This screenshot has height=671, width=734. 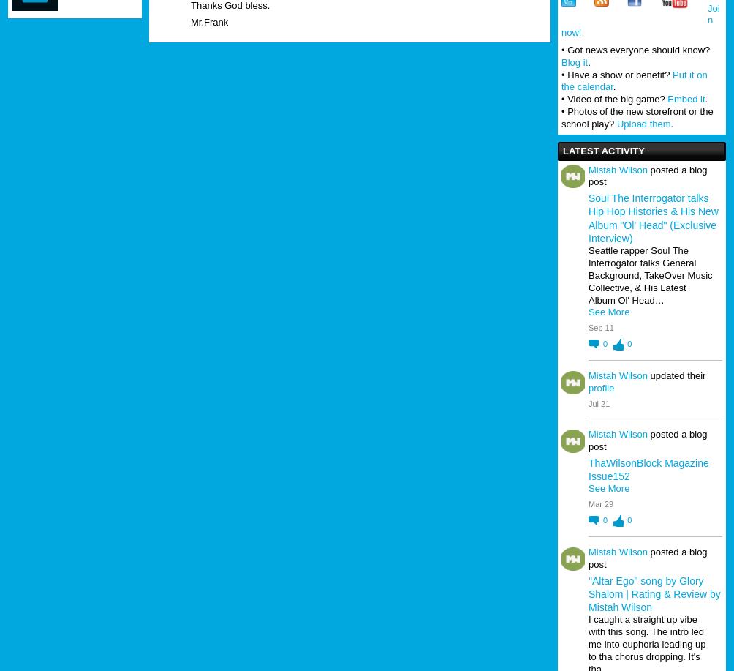 I want to click on 'Thanks God bless.', so click(x=230, y=5).